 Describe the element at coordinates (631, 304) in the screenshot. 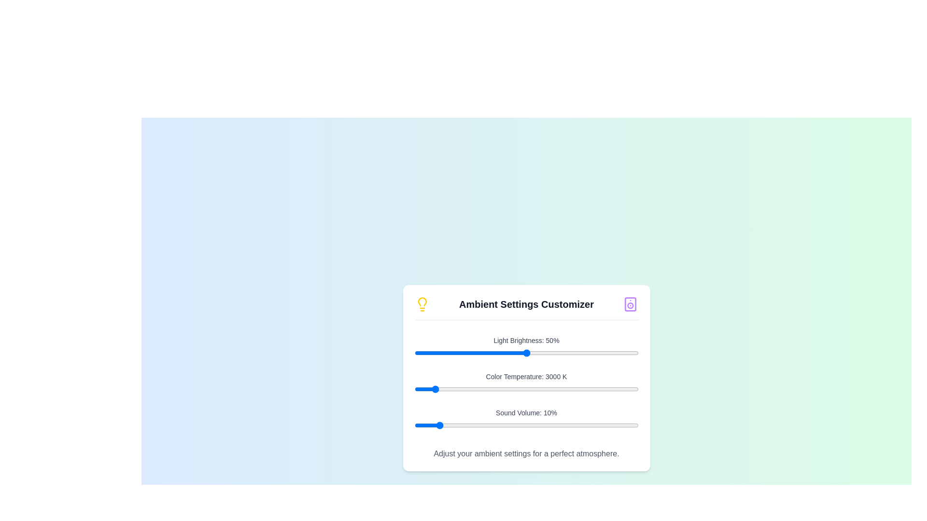

I see `the purple speaker icon located in the upper-right corner of the 'Ambient Settings Customizer' header section` at that location.